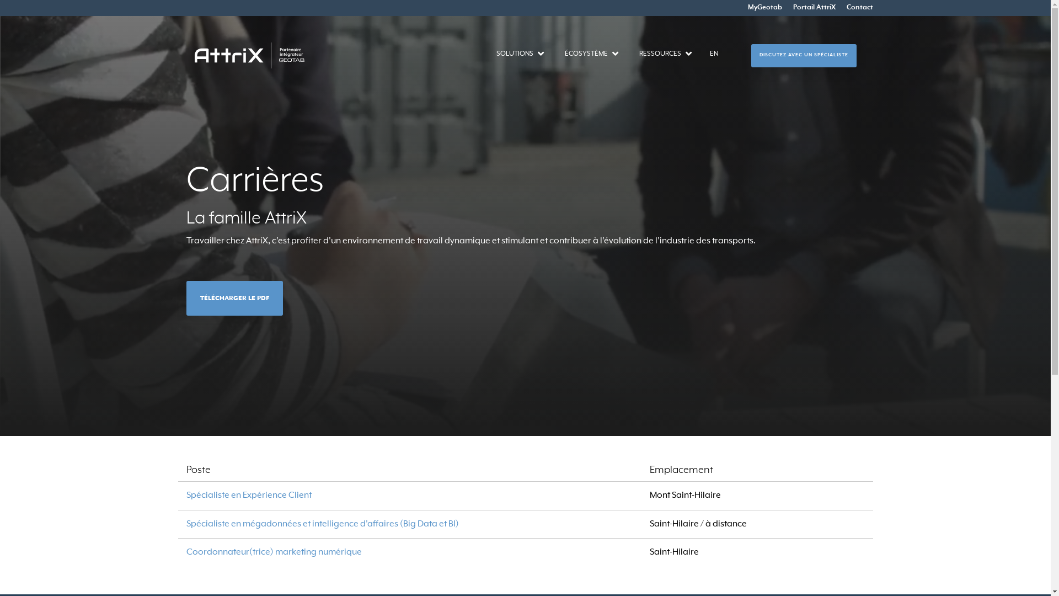  What do you see at coordinates (659, 54) in the screenshot?
I see `'RESSOURCES'` at bounding box center [659, 54].